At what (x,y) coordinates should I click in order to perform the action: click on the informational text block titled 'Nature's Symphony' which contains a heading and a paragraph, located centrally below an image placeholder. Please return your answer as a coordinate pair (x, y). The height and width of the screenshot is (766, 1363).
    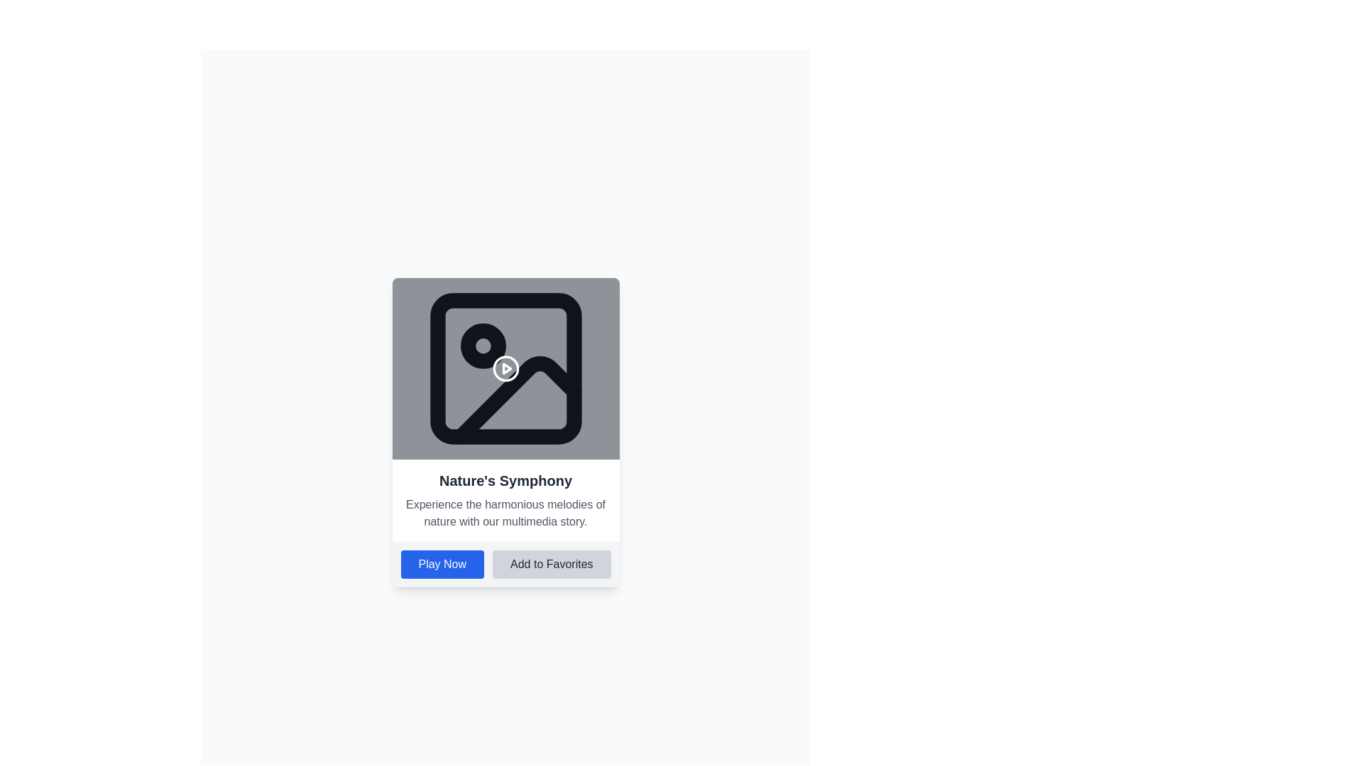
    Looking at the image, I should click on (505, 499).